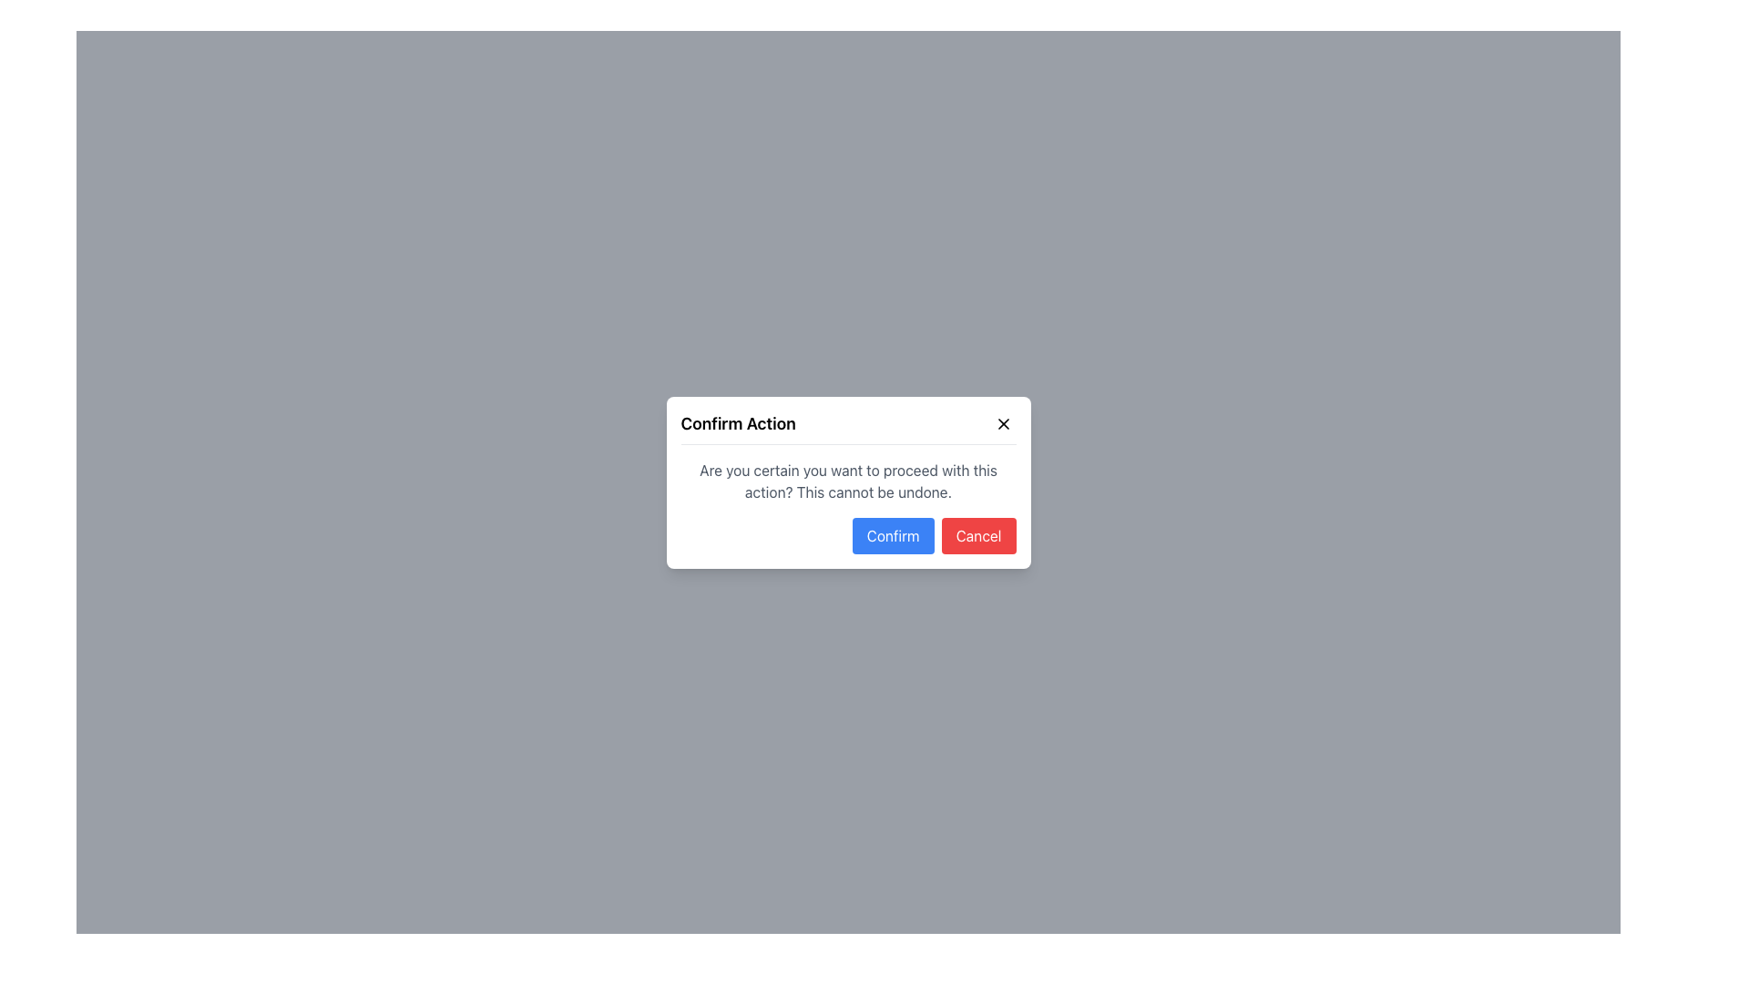 The height and width of the screenshot is (983, 1749). What do you see at coordinates (1002, 423) in the screenshot?
I see `the close button (cross-shaped icon) located in the top right corner of the modal dialog box` at bounding box center [1002, 423].